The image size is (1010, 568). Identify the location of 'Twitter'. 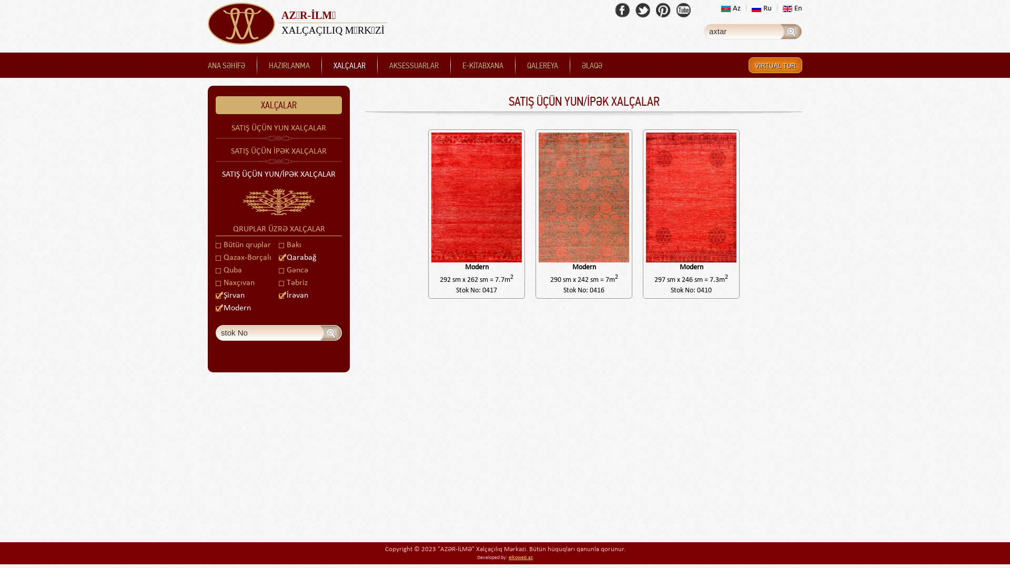
(642, 10).